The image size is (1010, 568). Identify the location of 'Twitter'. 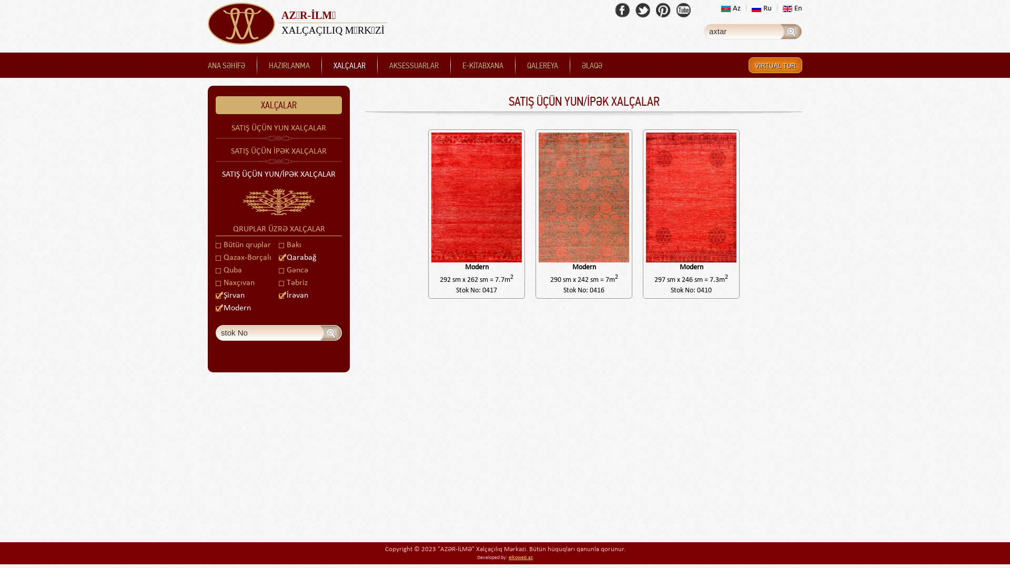
(642, 10).